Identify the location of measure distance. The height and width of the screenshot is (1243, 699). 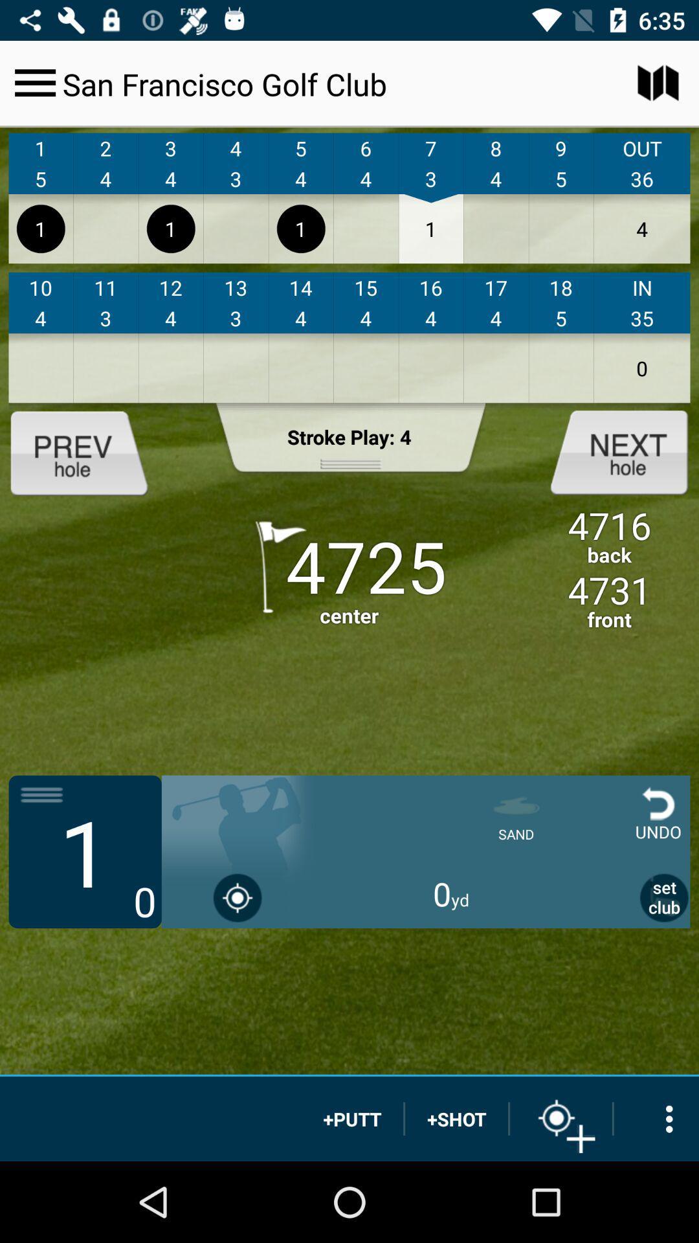
(560, 1118).